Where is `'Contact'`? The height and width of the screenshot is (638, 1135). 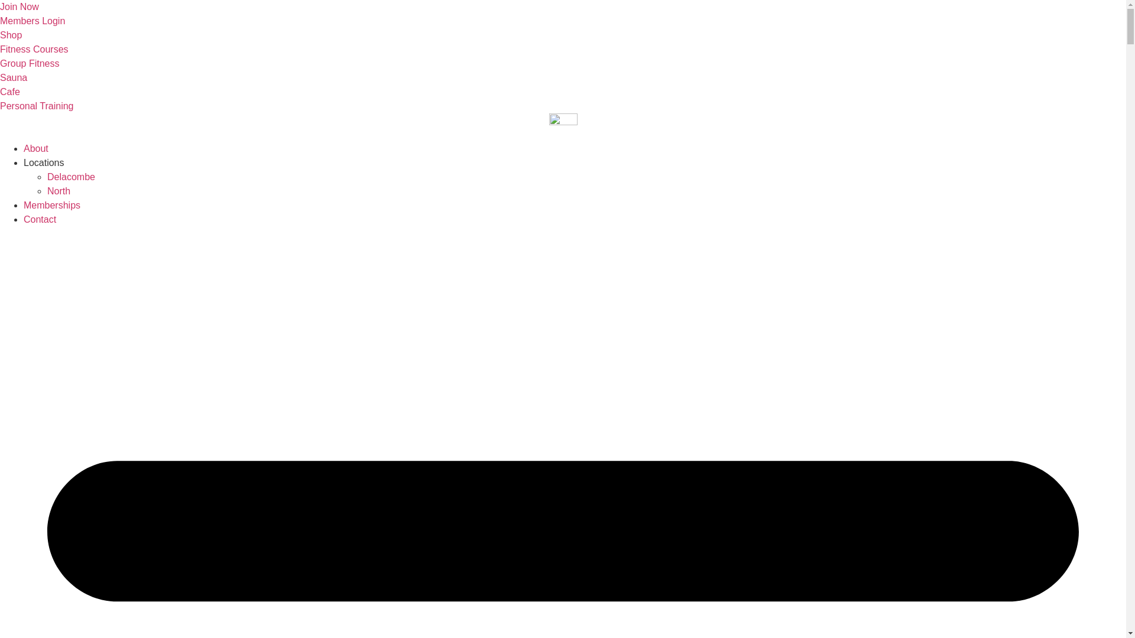
'Contact' is located at coordinates (40, 219).